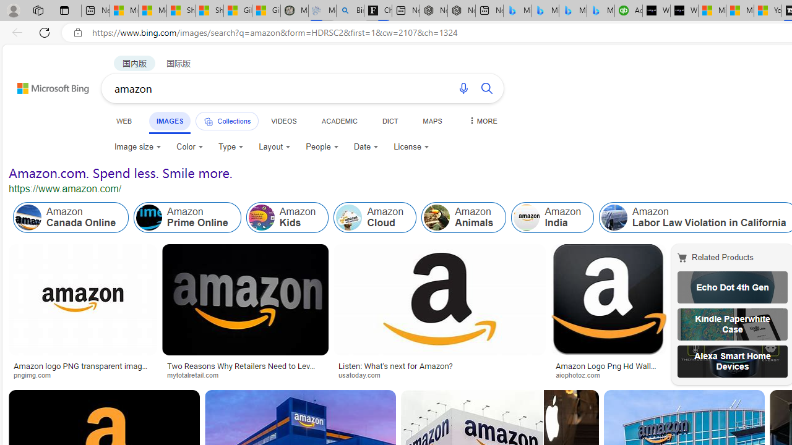 The width and height of the screenshot is (792, 445). What do you see at coordinates (552, 217) in the screenshot?
I see `'Class: item col'` at bounding box center [552, 217].